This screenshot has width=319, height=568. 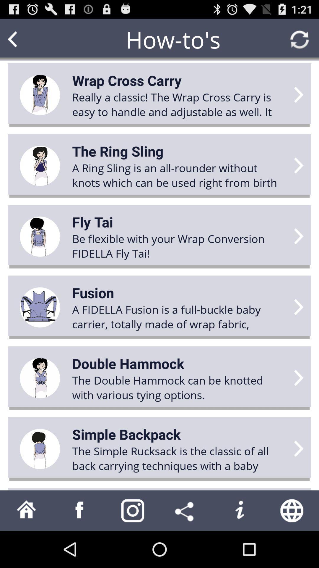 I want to click on the refresh icon, so click(x=300, y=42).